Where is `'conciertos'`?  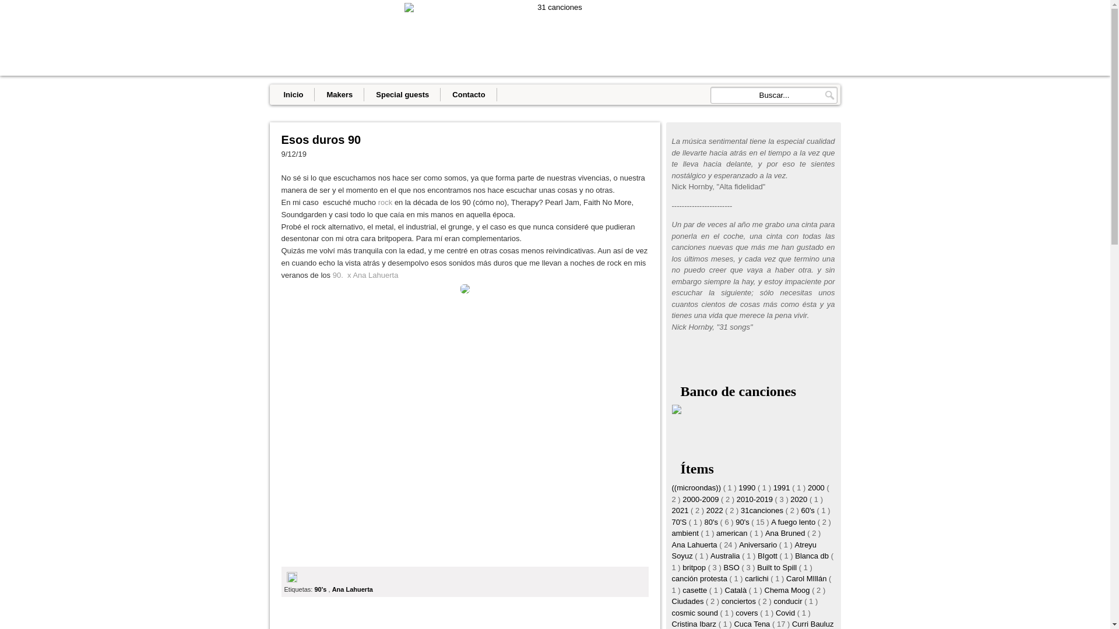
'conciertos' is located at coordinates (739, 601).